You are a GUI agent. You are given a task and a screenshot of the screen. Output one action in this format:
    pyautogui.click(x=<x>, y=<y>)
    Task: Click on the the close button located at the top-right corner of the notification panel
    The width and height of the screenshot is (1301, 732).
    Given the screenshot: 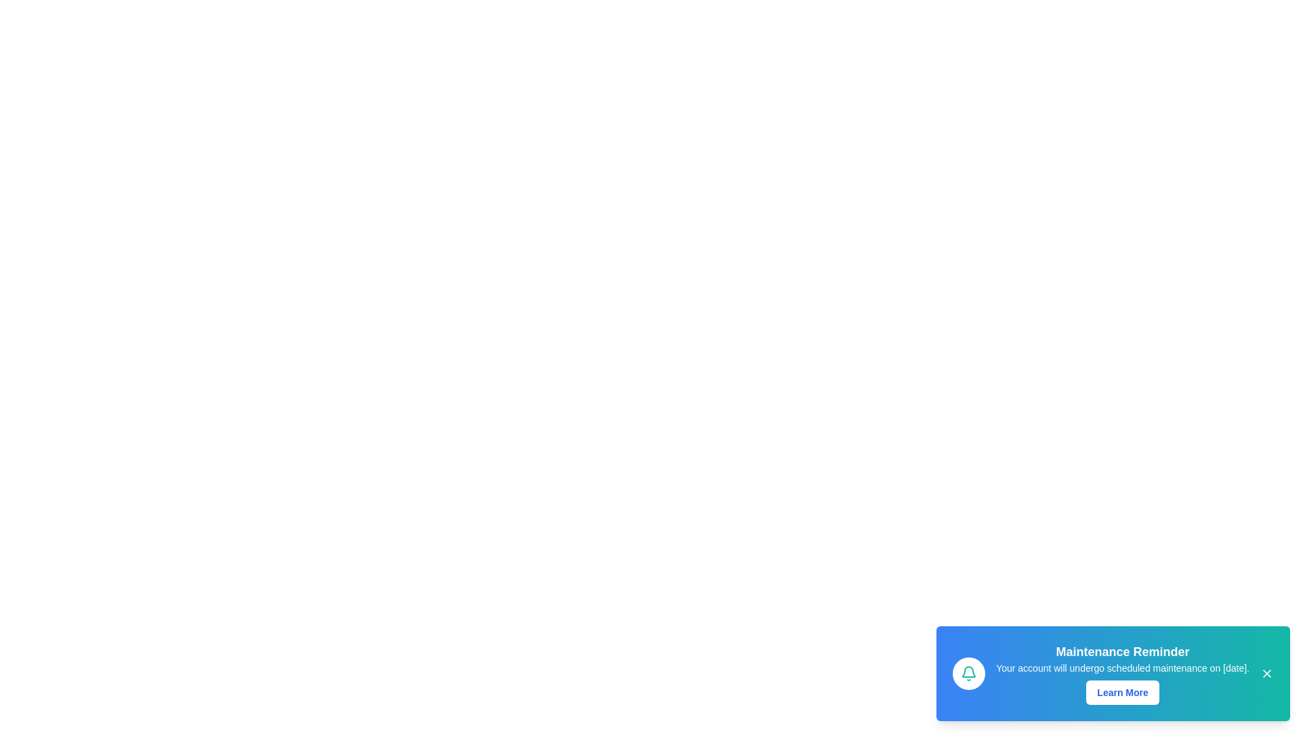 What is the action you would take?
    pyautogui.click(x=1266, y=674)
    